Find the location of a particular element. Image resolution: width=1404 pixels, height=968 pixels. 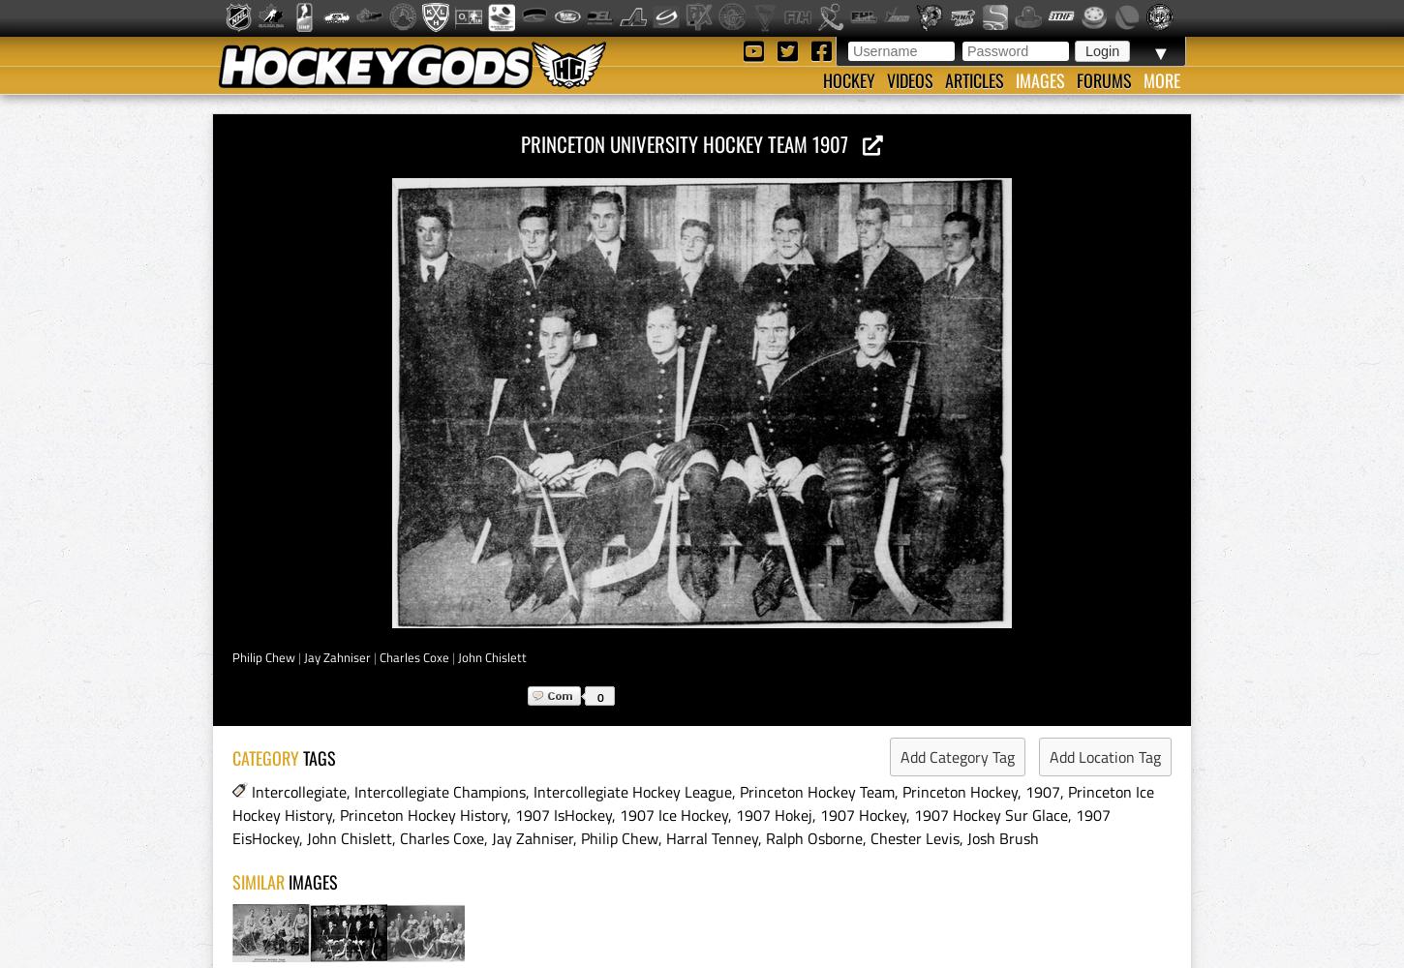

'IMAGES' is located at coordinates (313, 882).